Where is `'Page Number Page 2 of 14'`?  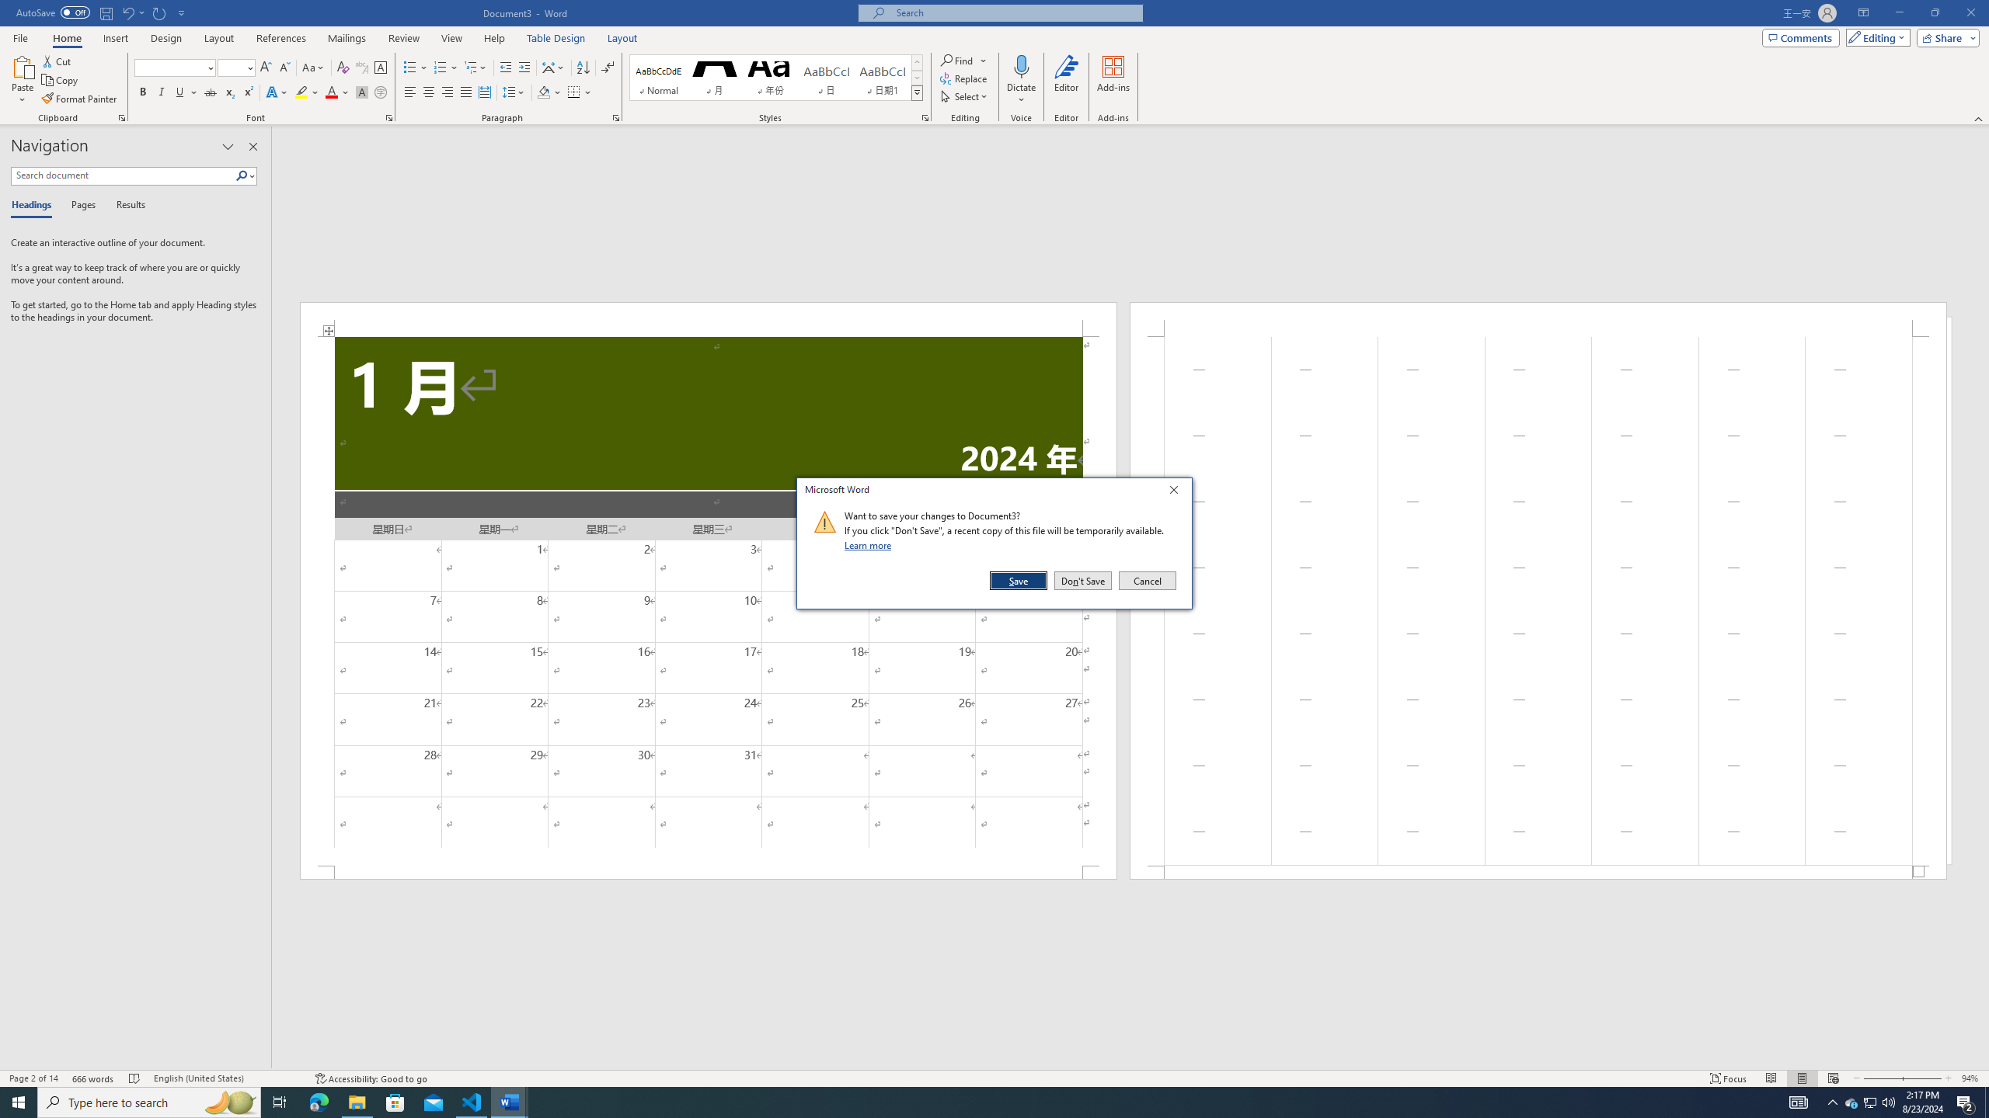 'Page Number Page 2 of 14' is located at coordinates (33, 1078).